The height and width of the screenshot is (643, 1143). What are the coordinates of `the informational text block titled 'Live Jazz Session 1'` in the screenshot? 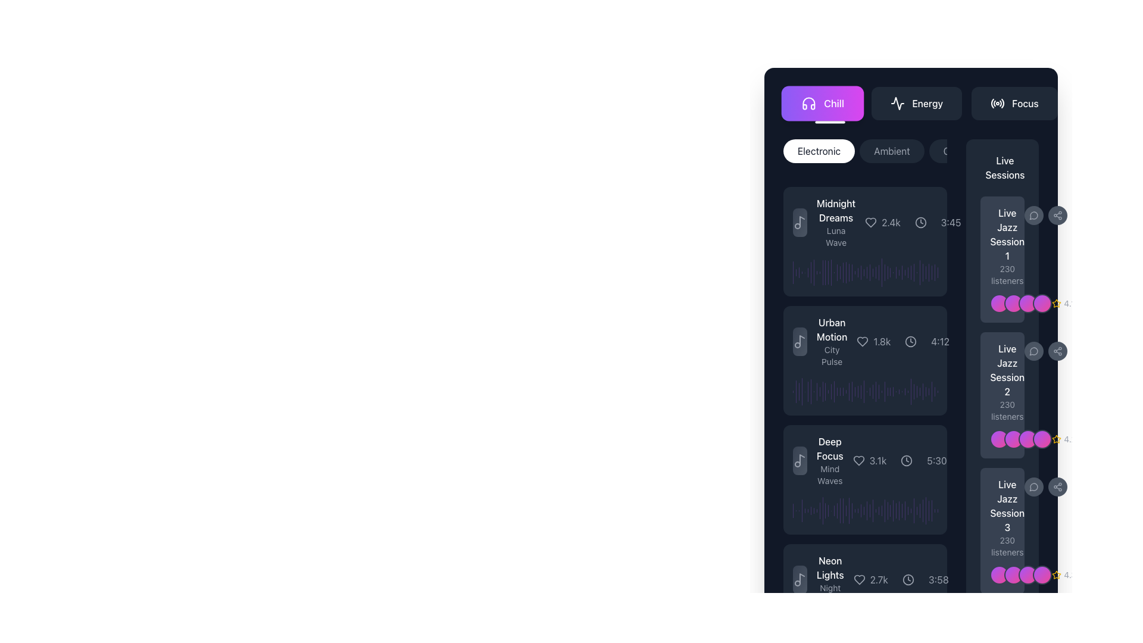 It's located at (1002, 245).